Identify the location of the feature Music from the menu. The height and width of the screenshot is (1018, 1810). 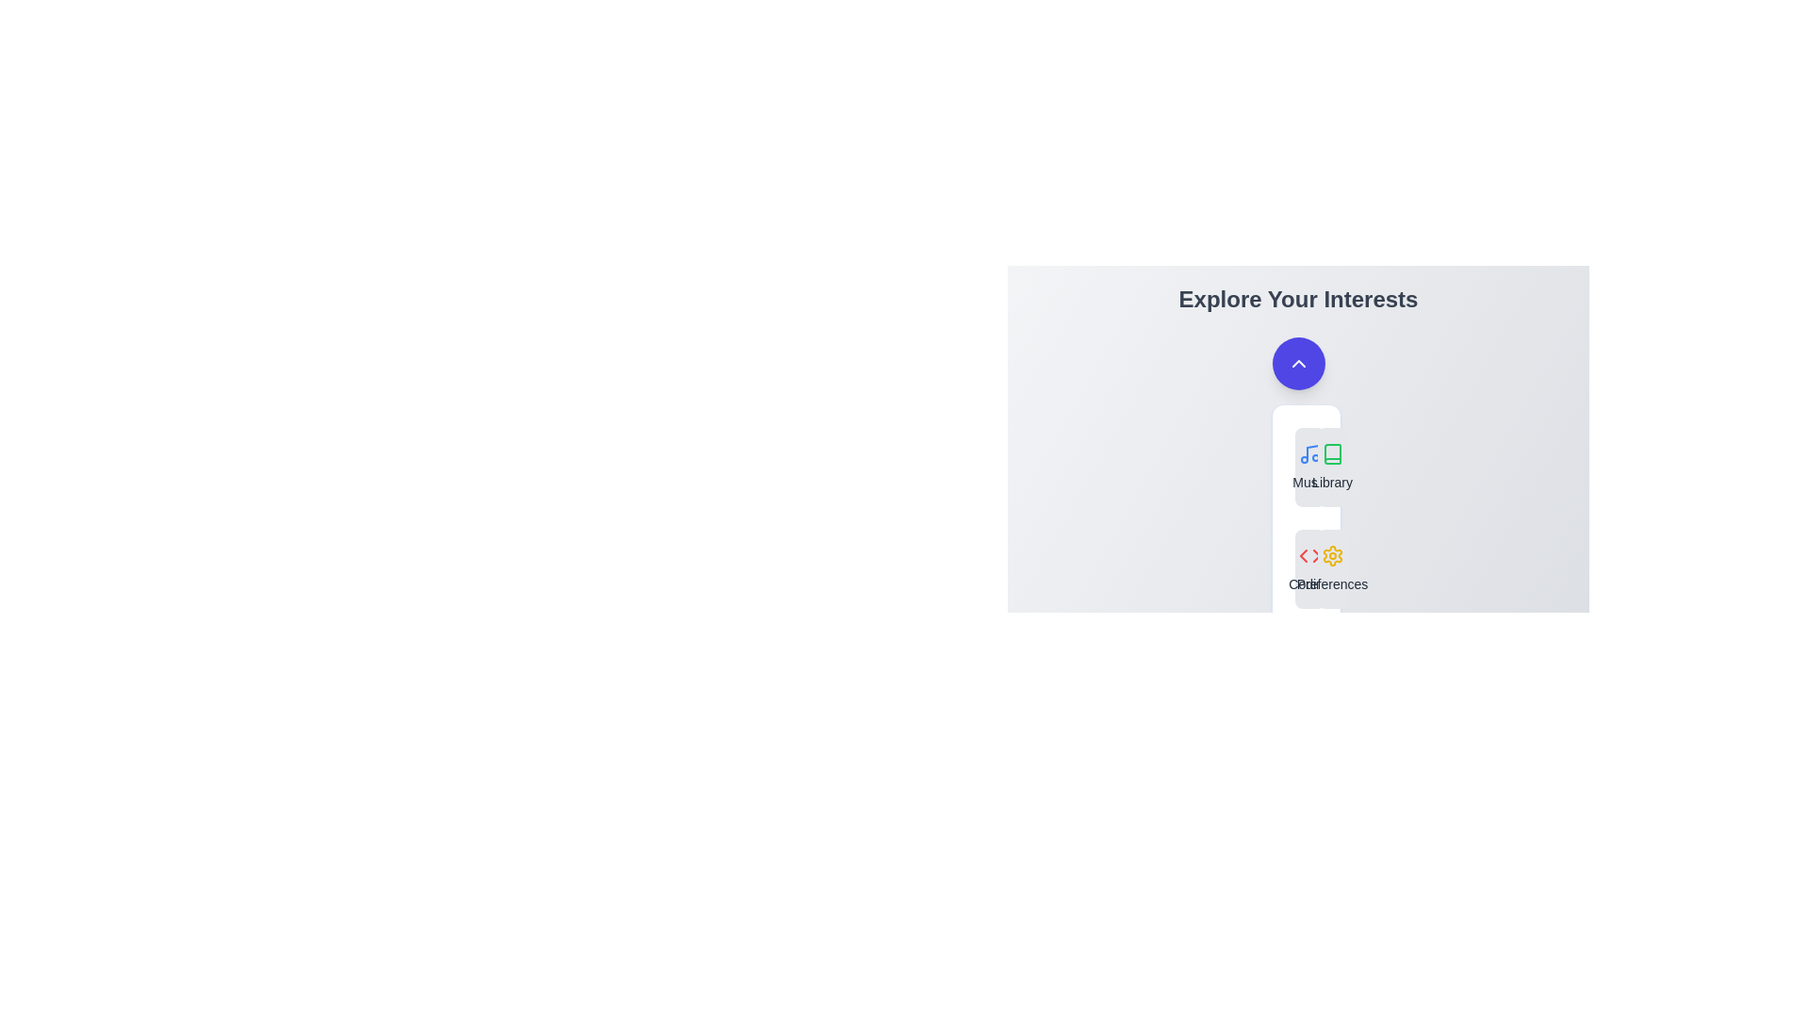
(1308, 467).